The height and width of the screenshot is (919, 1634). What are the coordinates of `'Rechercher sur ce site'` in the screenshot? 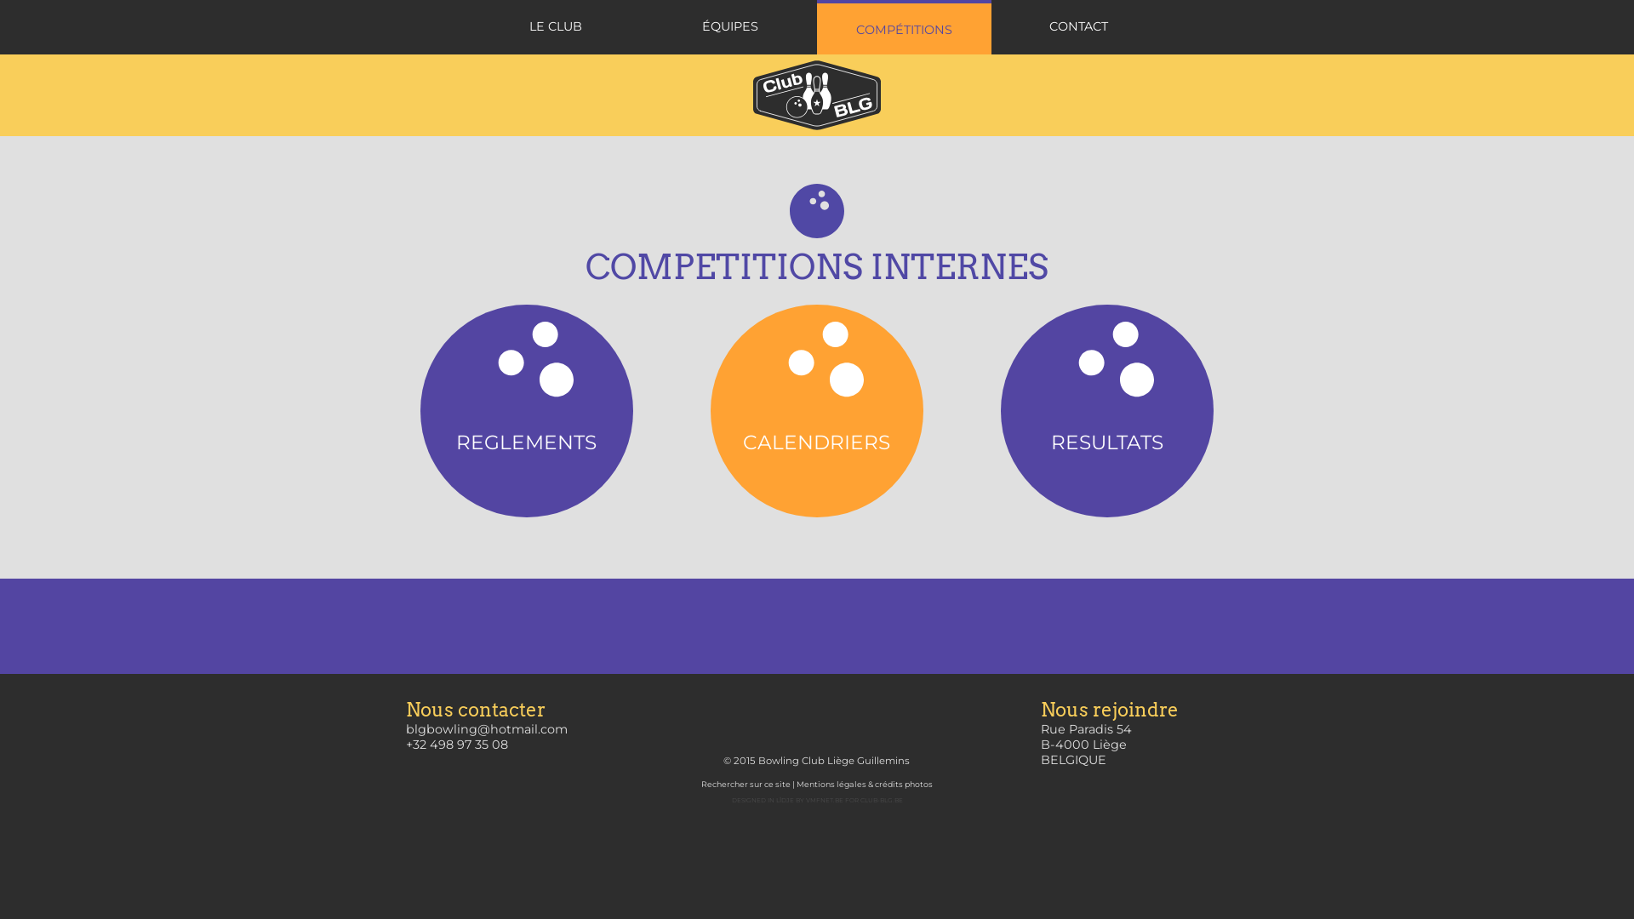 It's located at (746, 784).